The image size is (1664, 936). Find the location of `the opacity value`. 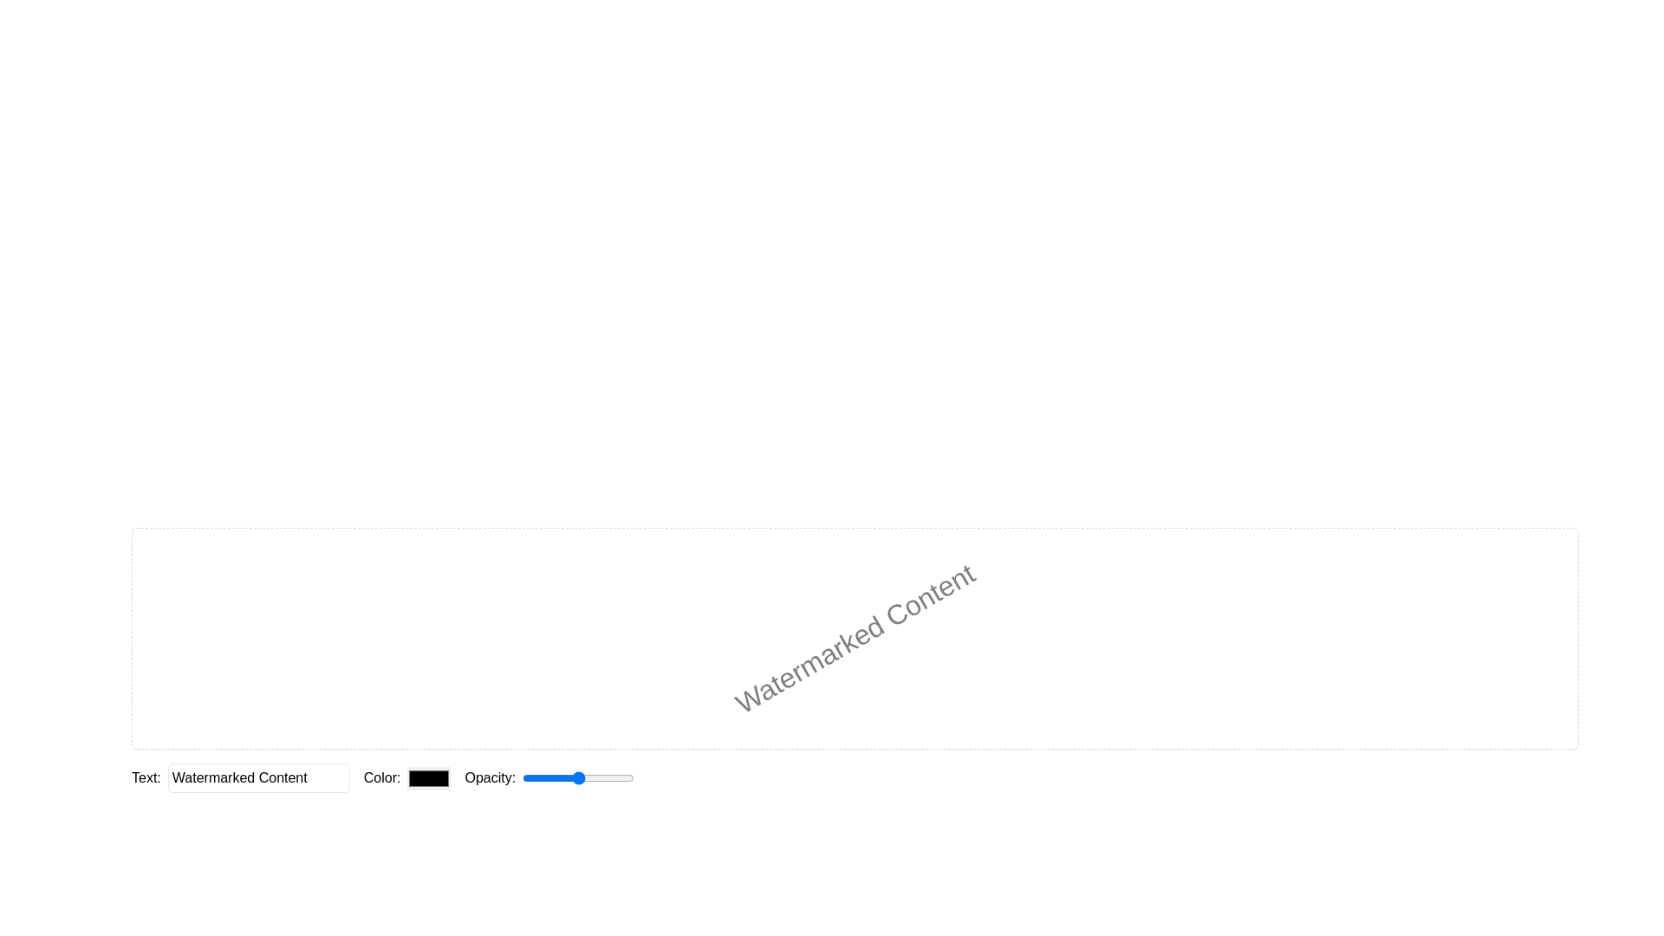

the opacity value is located at coordinates (611, 777).